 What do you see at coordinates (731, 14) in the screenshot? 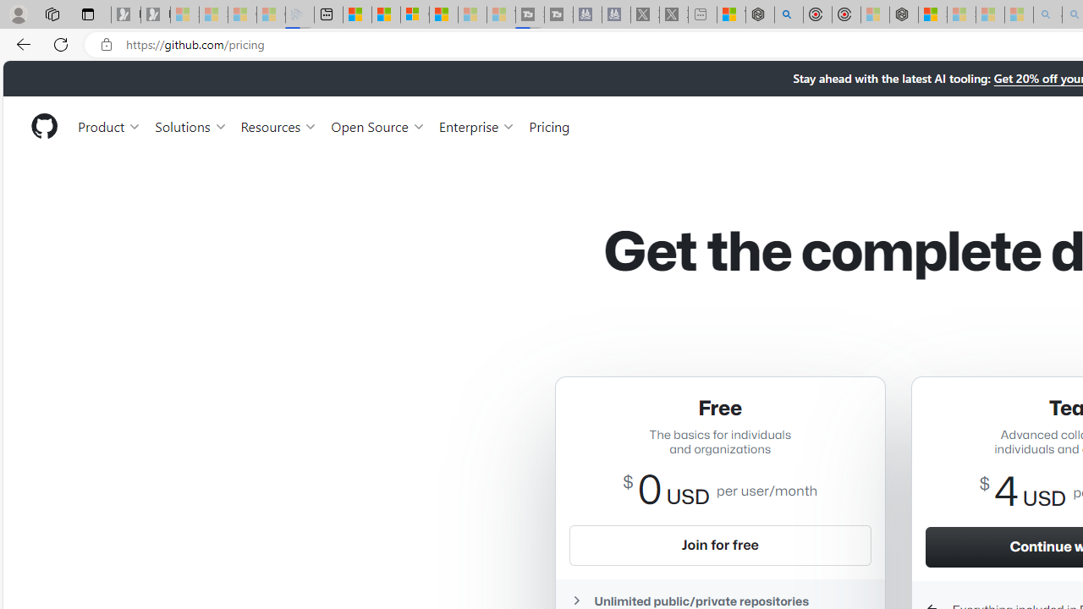
I see `'Wildlife - MSN'` at bounding box center [731, 14].